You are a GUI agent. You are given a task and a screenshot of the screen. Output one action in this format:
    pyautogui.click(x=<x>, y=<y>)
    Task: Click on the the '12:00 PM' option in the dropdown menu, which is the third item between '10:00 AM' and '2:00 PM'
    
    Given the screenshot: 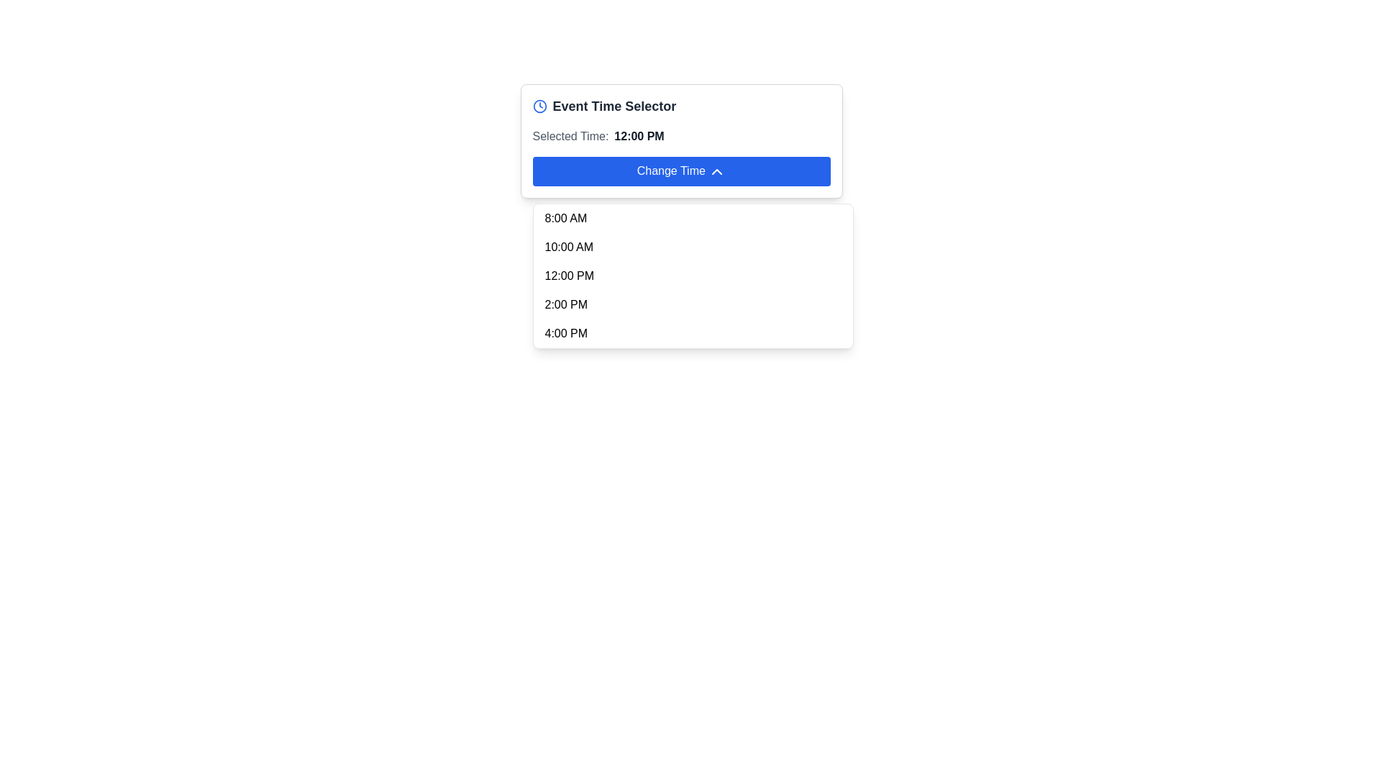 What is the action you would take?
    pyautogui.click(x=693, y=276)
    